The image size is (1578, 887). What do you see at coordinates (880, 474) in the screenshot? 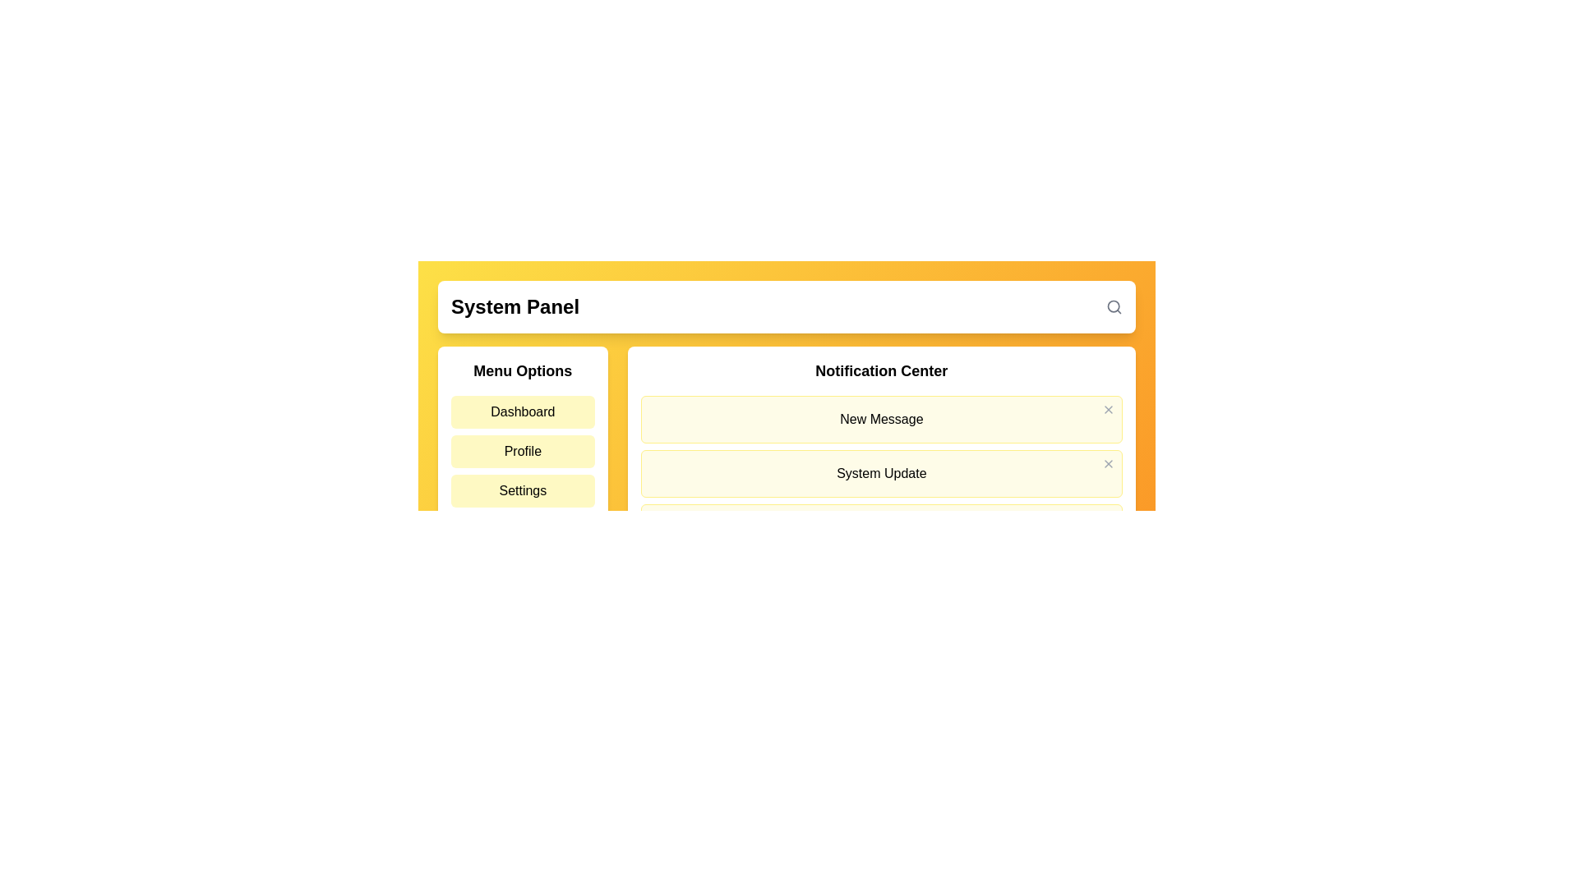
I see `the second notification card displaying a 'System Update' message in the Notification Center` at bounding box center [880, 474].